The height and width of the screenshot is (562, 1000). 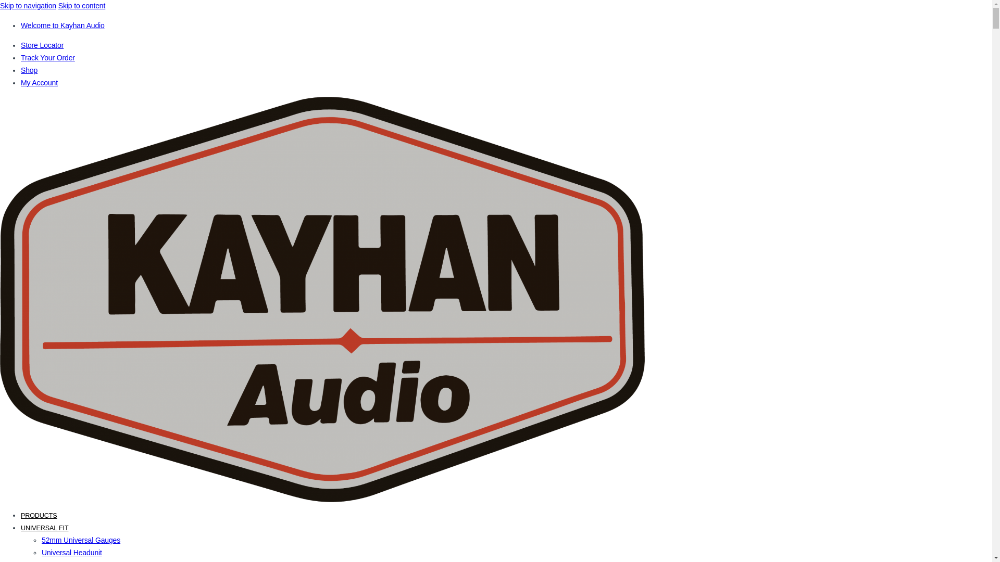 I want to click on 'Store Locator', so click(x=42, y=45).